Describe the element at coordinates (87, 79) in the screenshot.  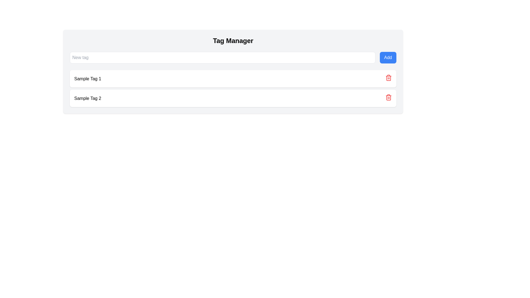
I see `the Text label that displays a tag name, located below the 'New tag' input field and above 'Sample Tag 2'` at that location.